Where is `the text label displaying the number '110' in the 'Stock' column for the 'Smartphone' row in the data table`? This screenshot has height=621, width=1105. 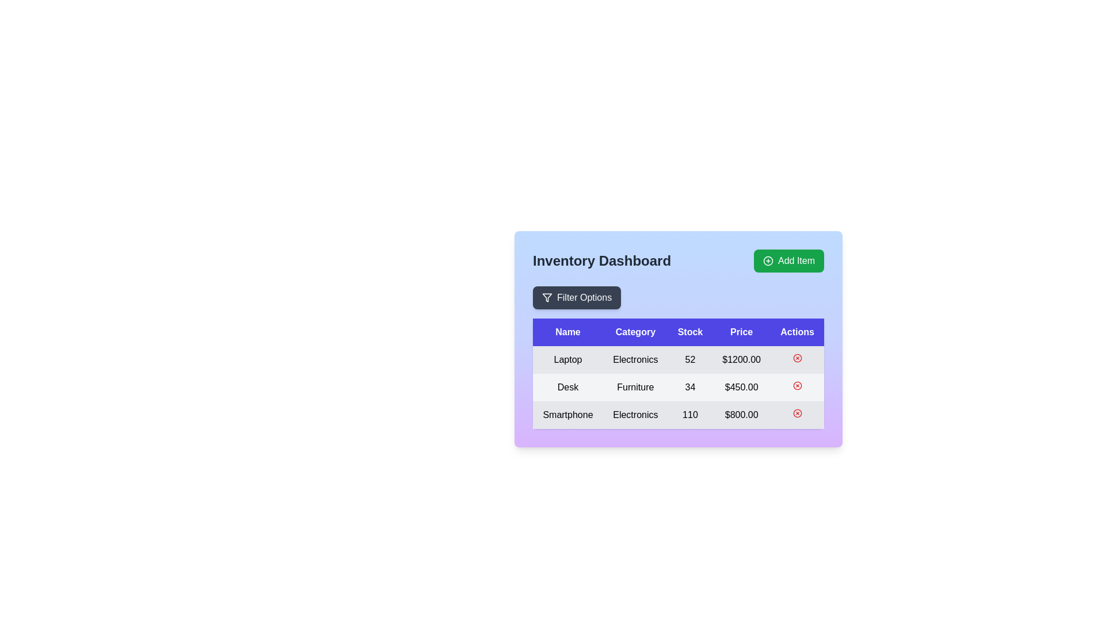 the text label displaying the number '110' in the 'Stock' column for the 'Smartphone' row in the data table is located at coordinates (690, 415).